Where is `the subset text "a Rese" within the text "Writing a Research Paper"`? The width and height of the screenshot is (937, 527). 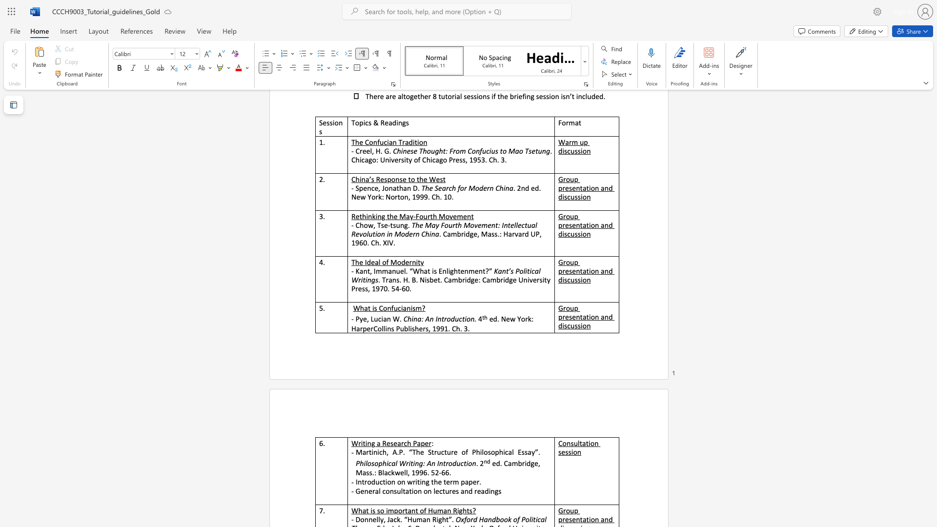 the subset text "a Rese" within the text "Writing a Research Paper" is located at coordinates (376, 443).